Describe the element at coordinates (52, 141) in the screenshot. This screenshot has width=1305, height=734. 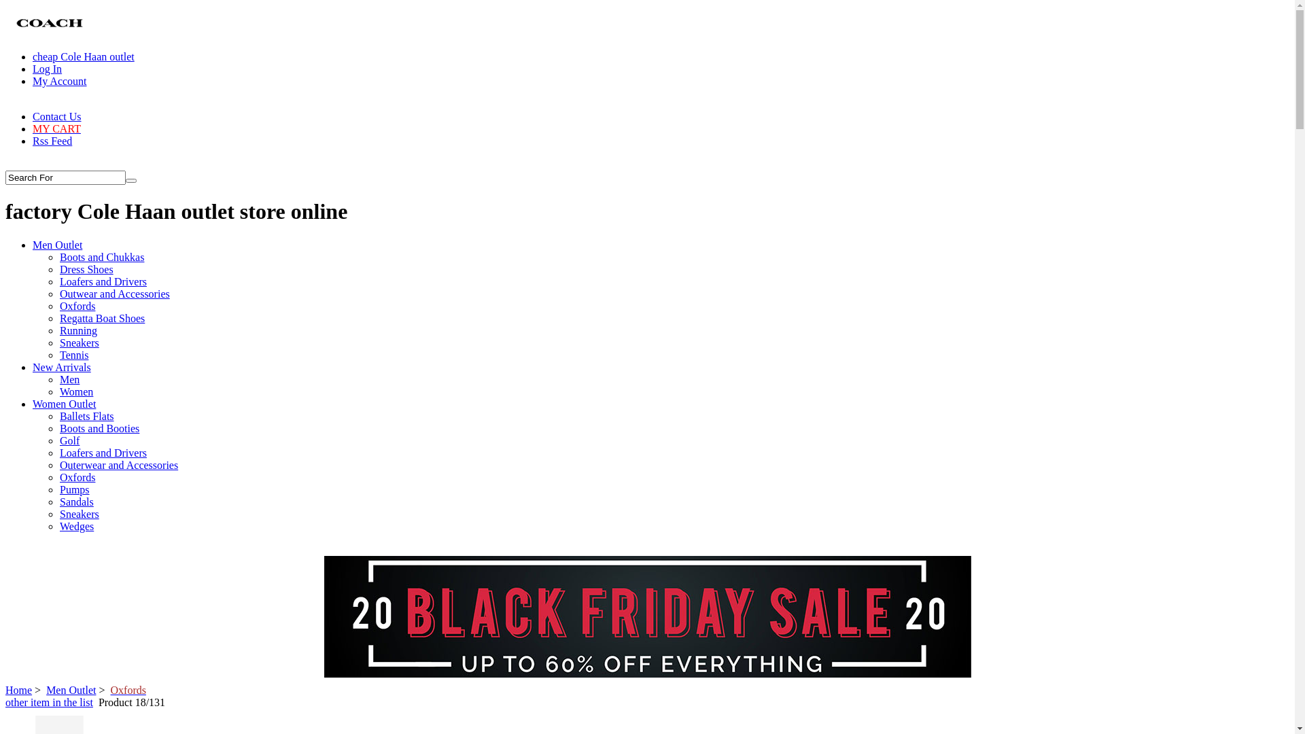
I see `'Rss Feed'` at that location.